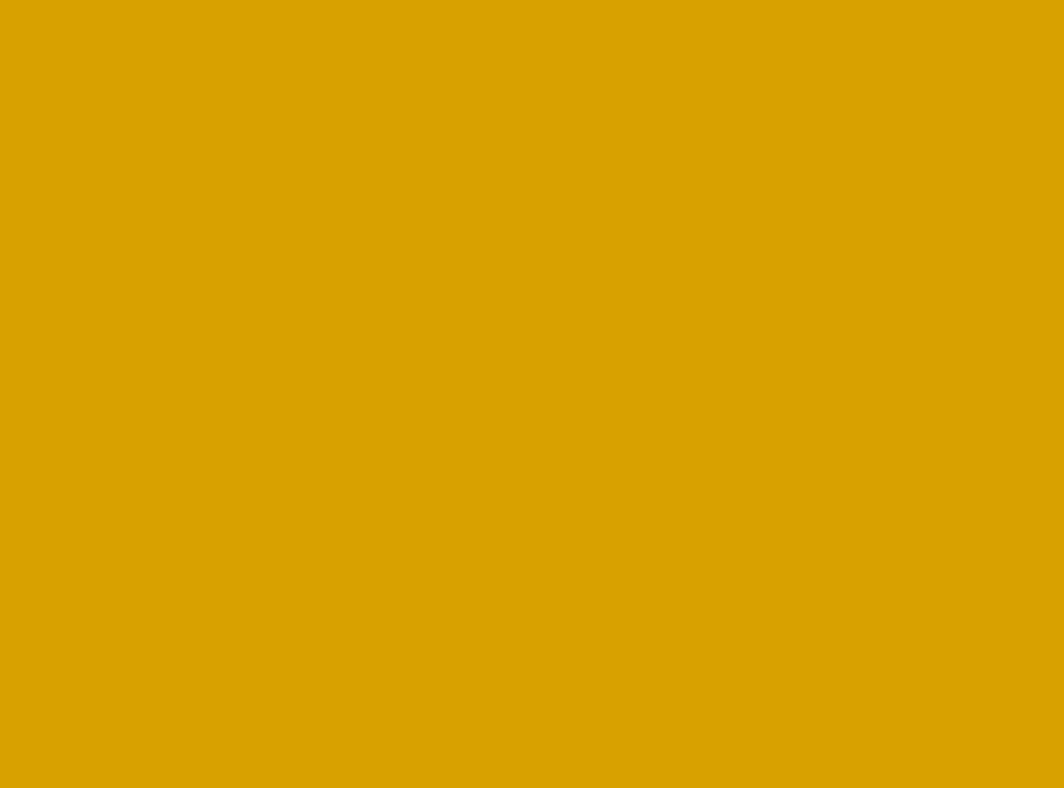  Describe the element at coordinates (256, 50) in the screenshot. I see `'Blackened Fish Fillet'` at that location.